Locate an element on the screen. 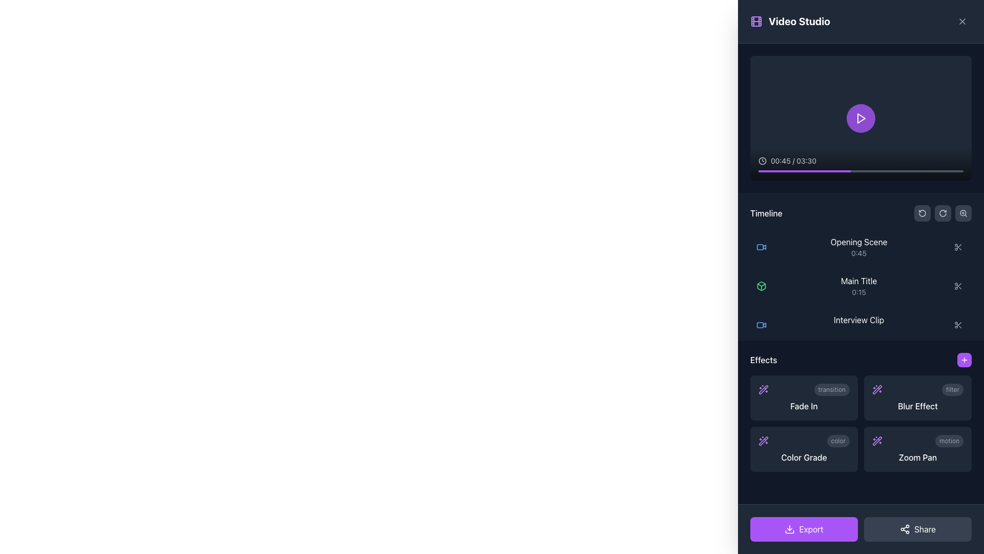 Image resolution: width=984 pixels, height=554 pixels. the scissors tool button located in the 'Interview Clip' section of the timeline, adjacent to the label 'Interview Clip 2:30' is located at coordinates (958, 325).